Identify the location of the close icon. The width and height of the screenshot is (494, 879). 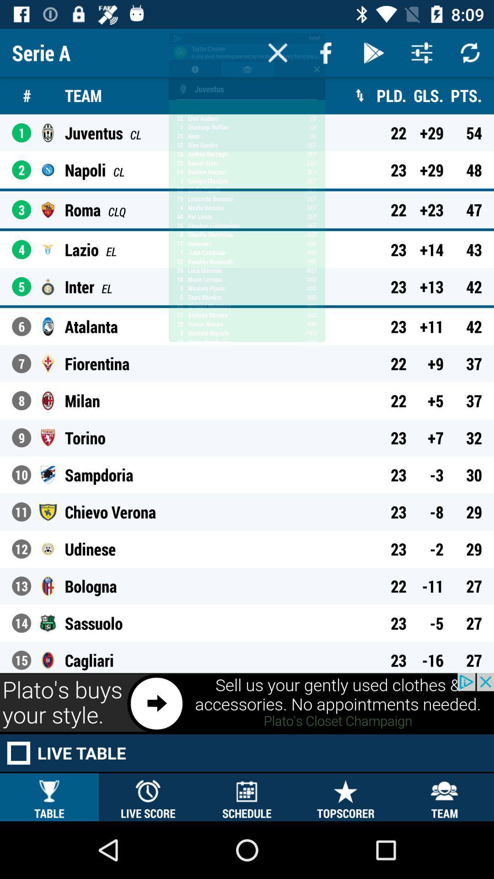
(277, 52).